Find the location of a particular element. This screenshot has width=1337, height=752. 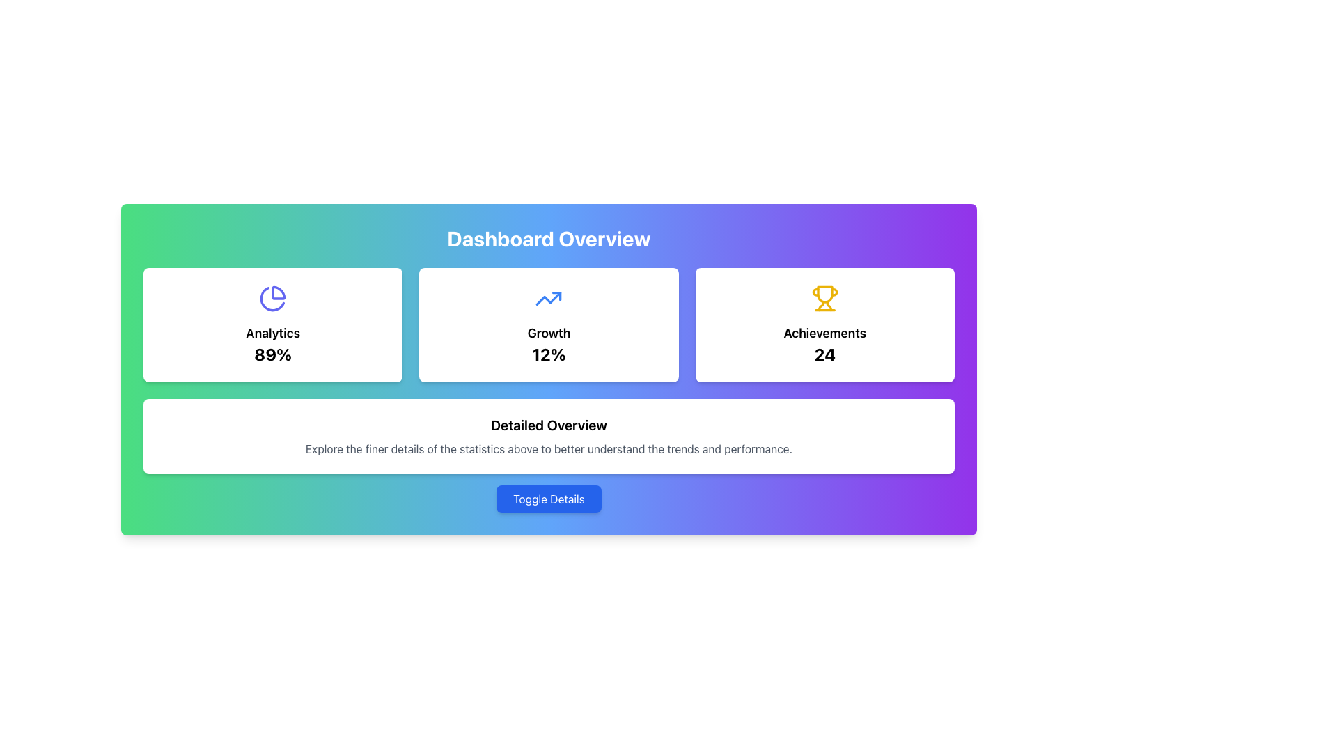

the blue circular pie chart icon located at the top center of the first card, directly above the text 'Analytics' and '89%' is located at coordinates (273, 297).